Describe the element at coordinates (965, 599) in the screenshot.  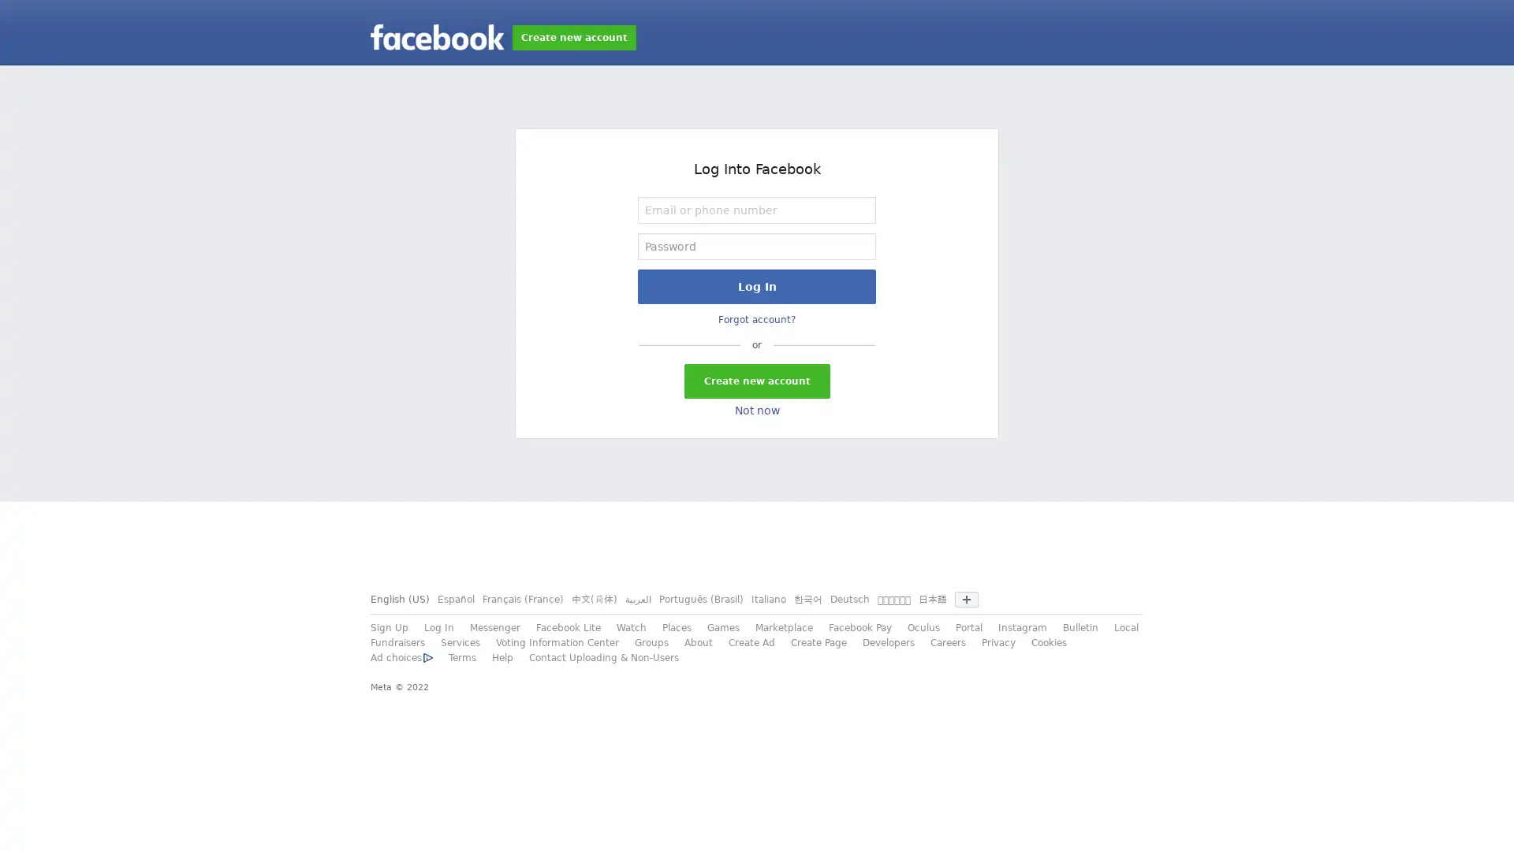
I see `Show more languages` at that location.